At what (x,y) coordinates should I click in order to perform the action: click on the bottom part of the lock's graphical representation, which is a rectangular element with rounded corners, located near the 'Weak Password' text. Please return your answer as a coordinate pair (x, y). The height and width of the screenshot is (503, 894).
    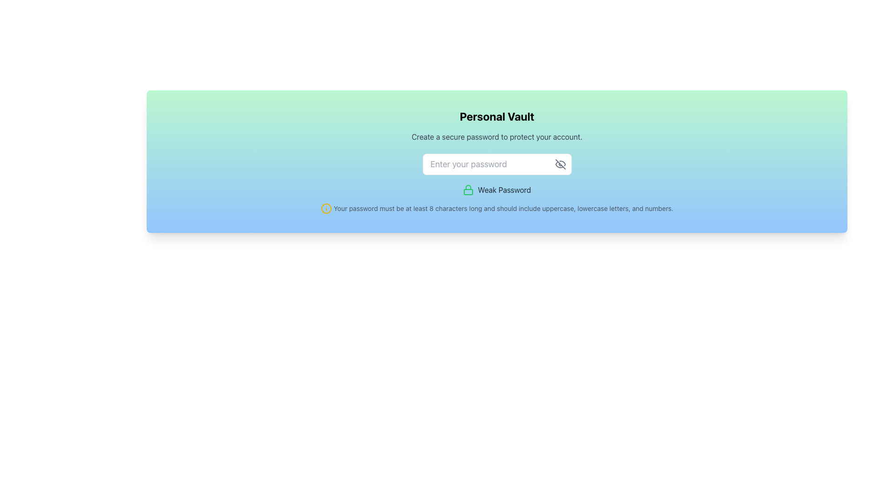
    Looking at the image, I should click on (468, 191).